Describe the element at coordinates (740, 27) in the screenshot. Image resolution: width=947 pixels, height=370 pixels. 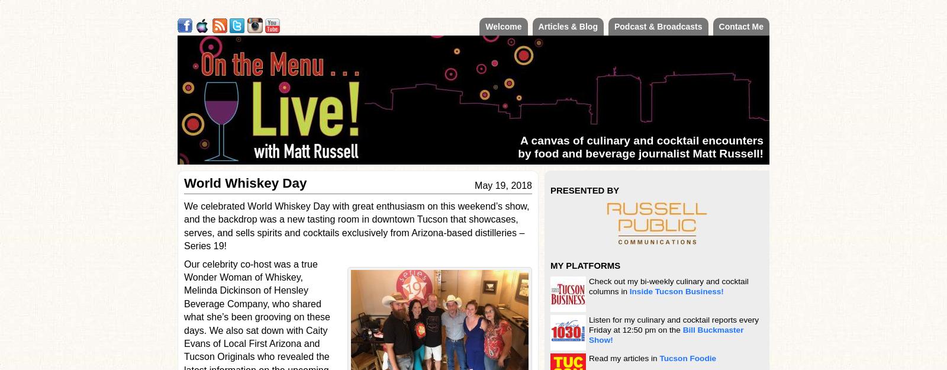
I see `'Contact Me'` at that location.